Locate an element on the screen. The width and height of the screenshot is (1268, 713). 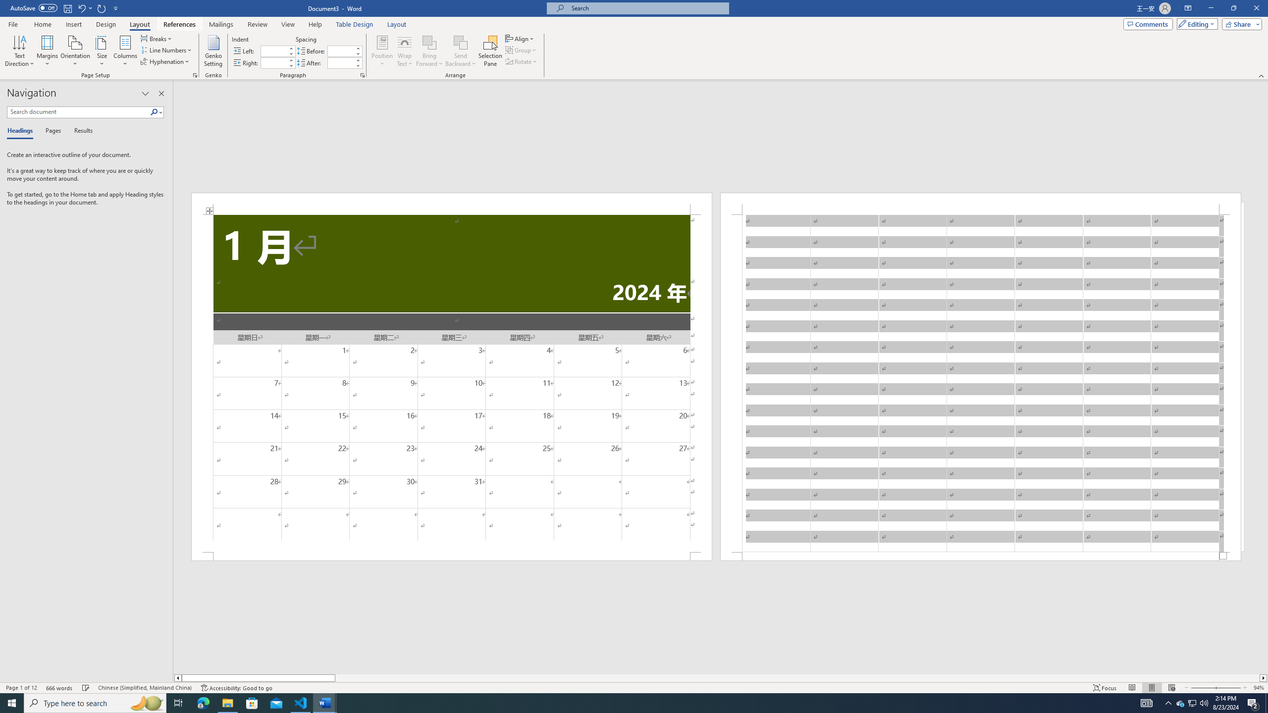
'Position' is located at coordinates (381, 51).